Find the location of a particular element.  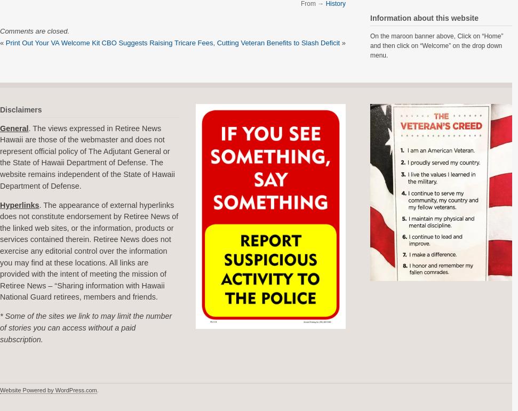

'Hyperlinks' is located at coordinates (19, 205).